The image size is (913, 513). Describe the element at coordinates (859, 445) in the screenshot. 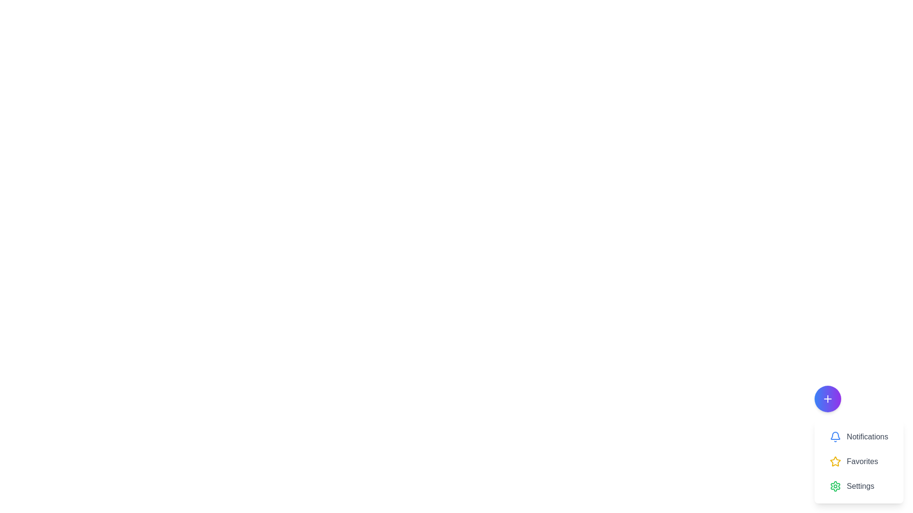

I see `the 'Notifications' item in the interactive menu located at the bottom-right corner, which is visually represented with a blue icon` at that location.